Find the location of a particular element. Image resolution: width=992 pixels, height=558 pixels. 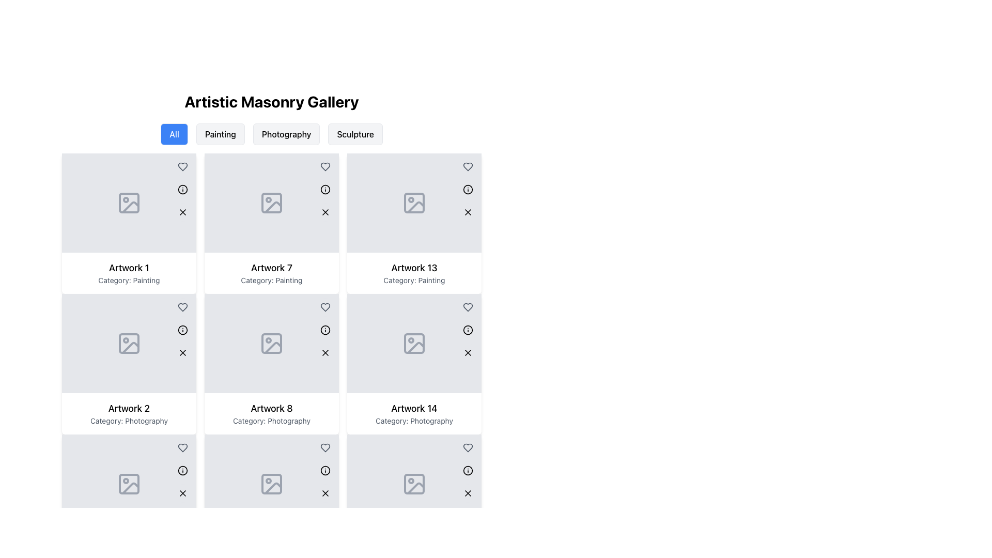

the 'favorite' button located at the top-right corner of the 'Artwork 7' card is located at coordinates (324, 306).